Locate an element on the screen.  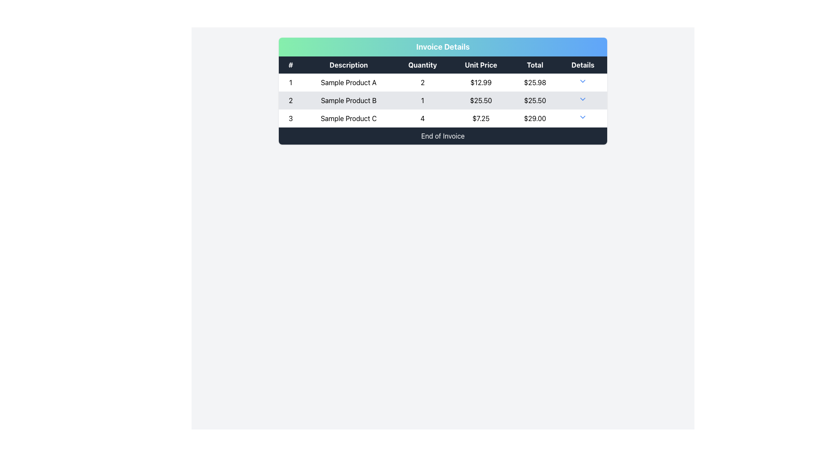
the dropdown menu in the third row of the 'Invoice Details' table is located at coordinates (443, 118).